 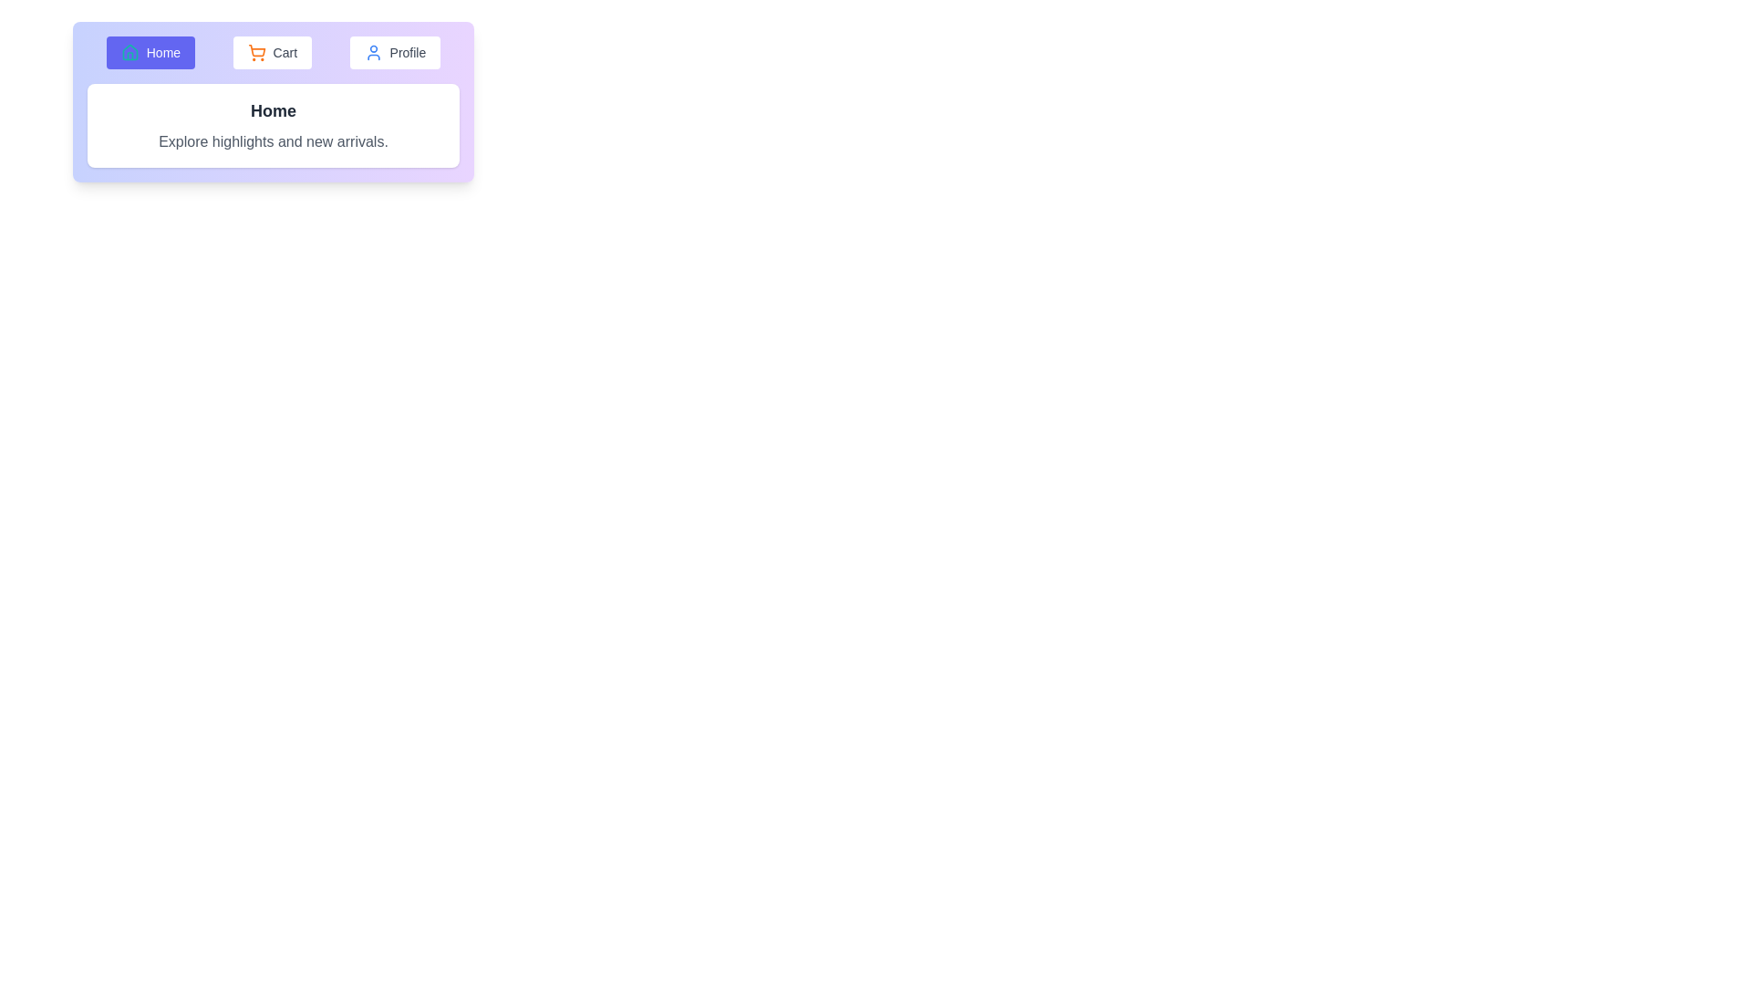 What do you see at coordinates (393, 51) in the screenshot?
I see `the Profile tab to view its hover effect` at bounding box center [393, 51].